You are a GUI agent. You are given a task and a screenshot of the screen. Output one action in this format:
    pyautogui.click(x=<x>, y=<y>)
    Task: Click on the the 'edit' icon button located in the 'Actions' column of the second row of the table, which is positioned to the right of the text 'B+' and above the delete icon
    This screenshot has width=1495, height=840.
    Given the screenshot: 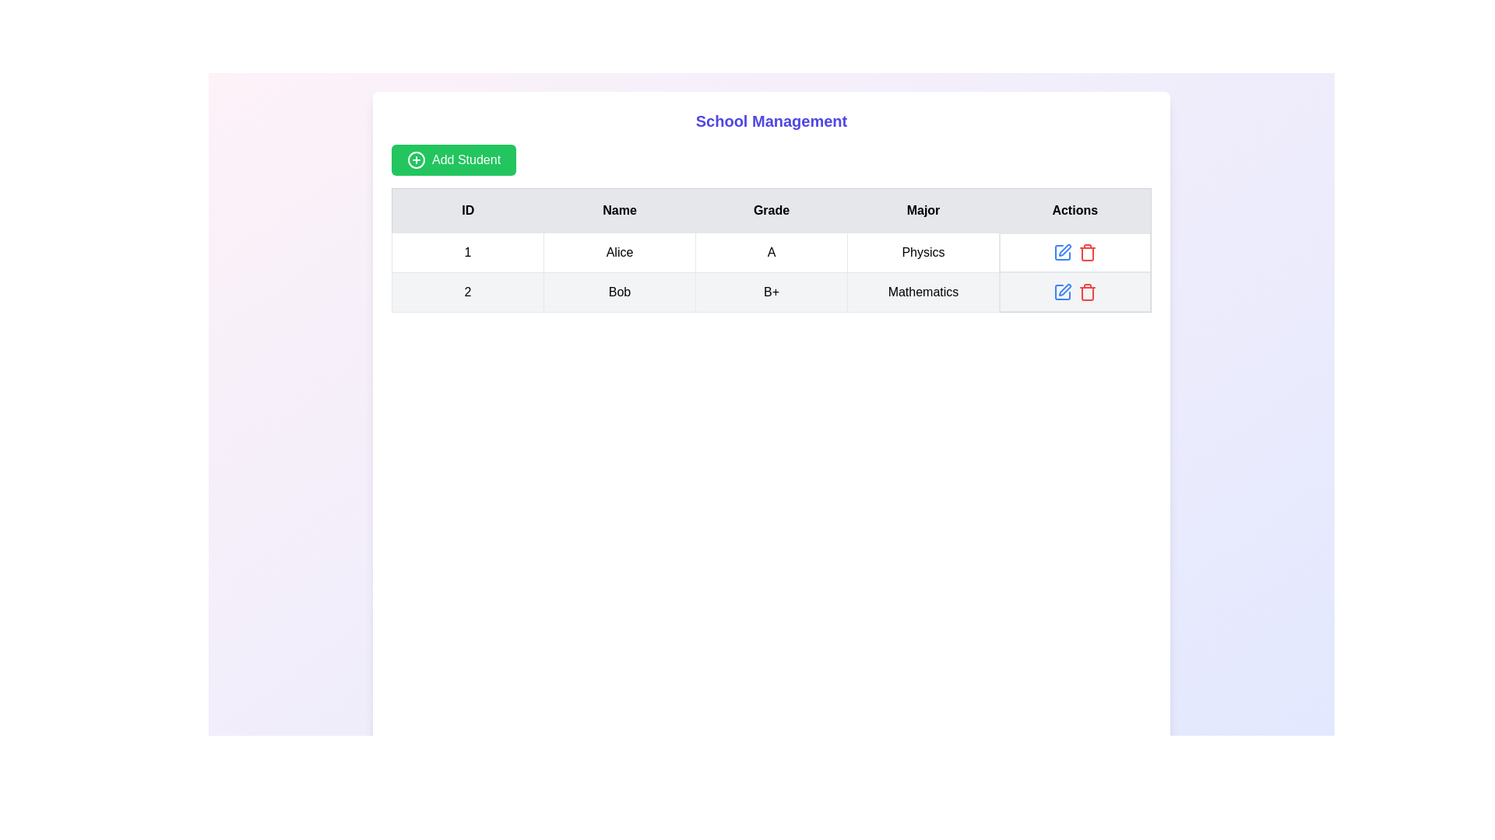 What is the action you would take?
    pyautogui.click(x=1061, y=292)
    